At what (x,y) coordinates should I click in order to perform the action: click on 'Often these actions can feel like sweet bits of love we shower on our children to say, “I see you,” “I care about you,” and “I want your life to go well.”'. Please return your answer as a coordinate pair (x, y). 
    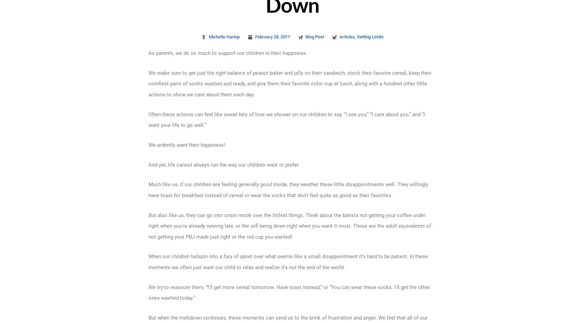
    Looking at the image, I should click on (286, 119).